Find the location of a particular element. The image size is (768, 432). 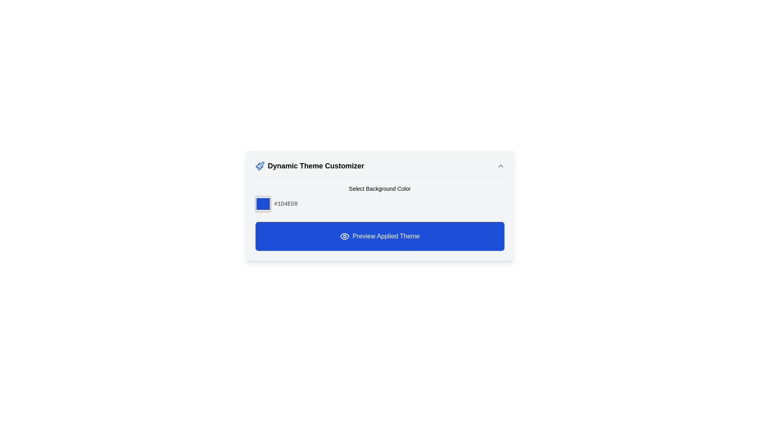

the 'eye' icon which is located within the 'Preview Applied Theme' blue button, positioned towards the center left before the text is located at coordinates (344, 236).